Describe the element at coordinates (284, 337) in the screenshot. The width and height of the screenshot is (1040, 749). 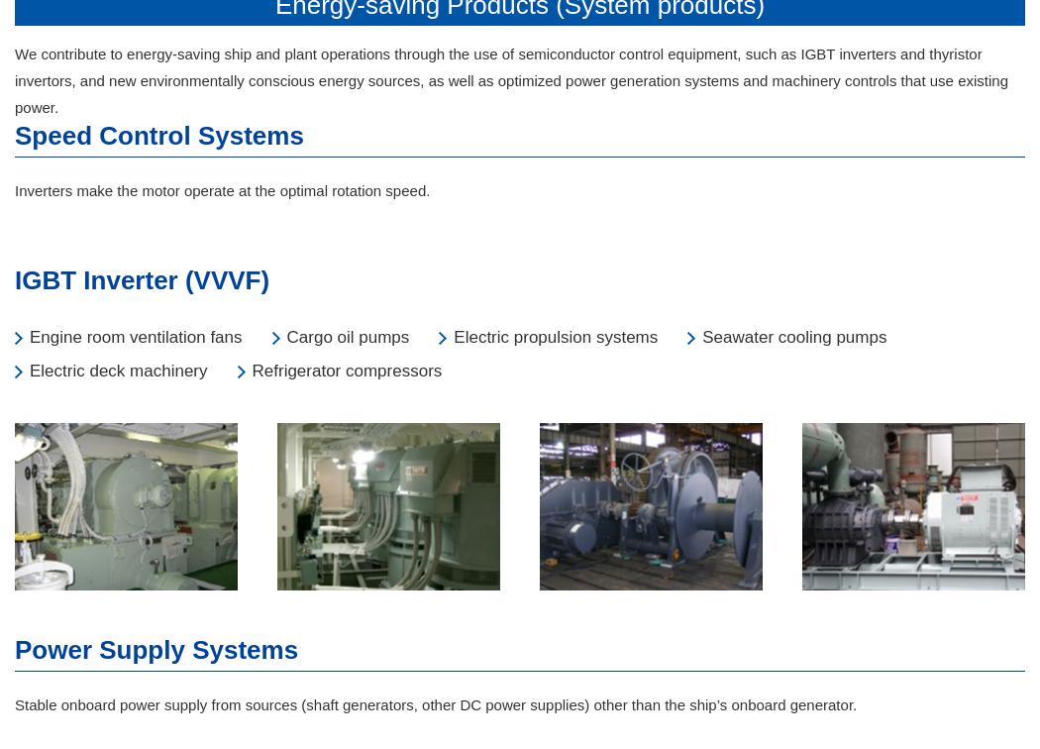
I see `'Cargo oil pumps'` at that location.